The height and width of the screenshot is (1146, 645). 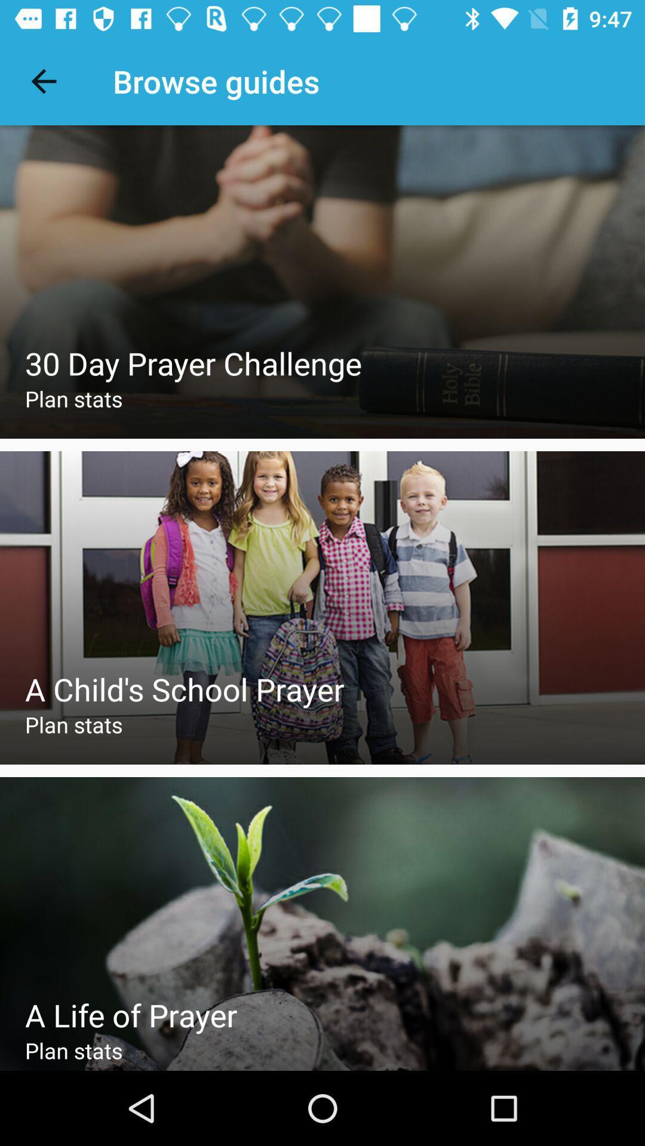 What do you see at coordinates (43, 81) in the screenshot?
I see `icon next to the browse guides icon` at bounding box center [43, 81].